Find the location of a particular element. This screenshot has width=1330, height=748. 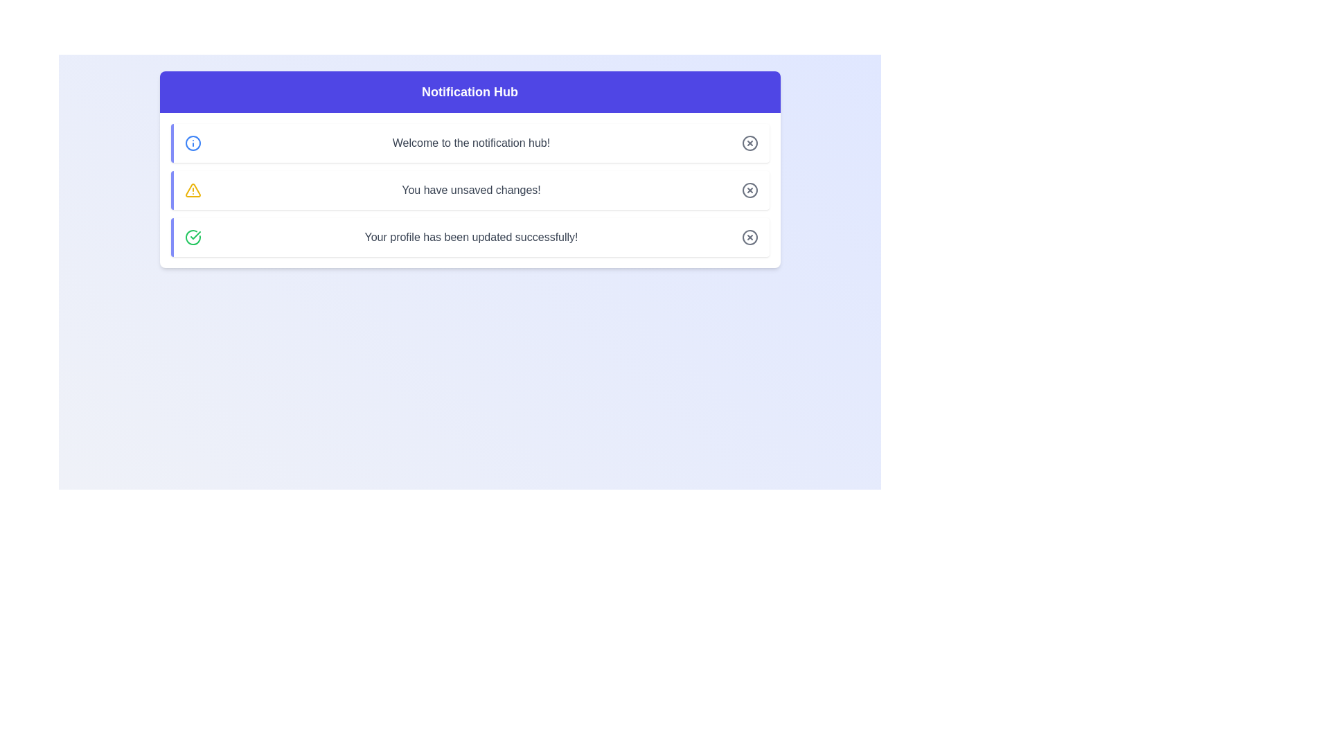

the close button located at the top-right corner of the first notification box, adjacent to the text 'Welcome to the notification hub!', to observe style changes is located at coordinates (749, 143).